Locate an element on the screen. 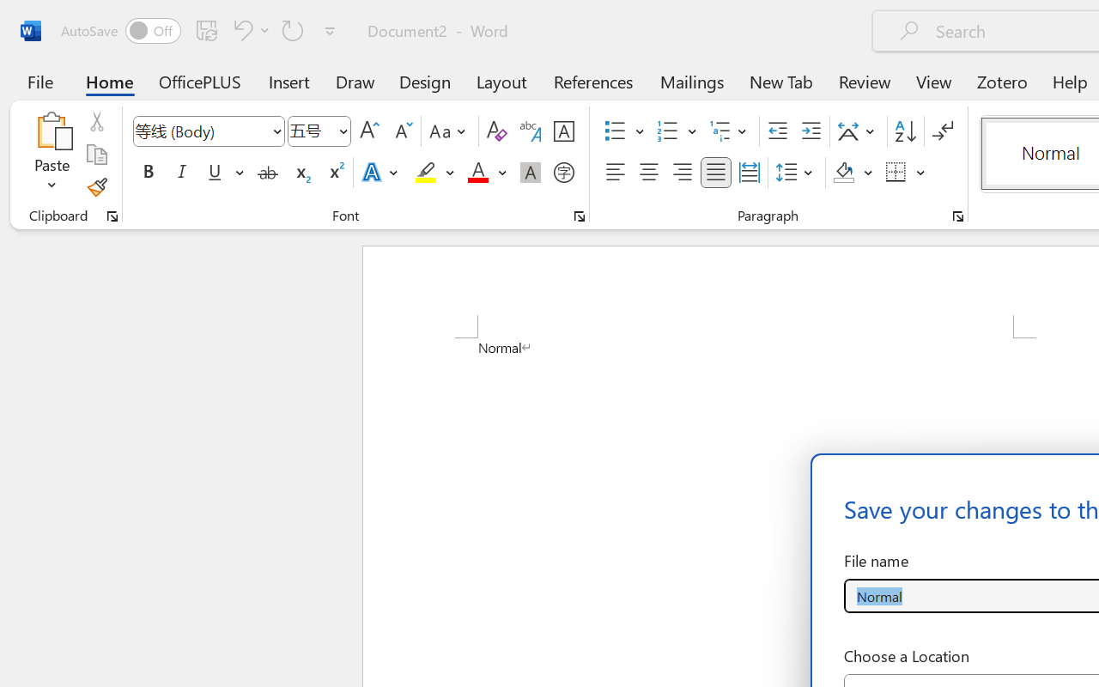 Image resolution: width=1099 pixels, height=687 pixels. 'Numbering' is located at coordinates (677, 131).